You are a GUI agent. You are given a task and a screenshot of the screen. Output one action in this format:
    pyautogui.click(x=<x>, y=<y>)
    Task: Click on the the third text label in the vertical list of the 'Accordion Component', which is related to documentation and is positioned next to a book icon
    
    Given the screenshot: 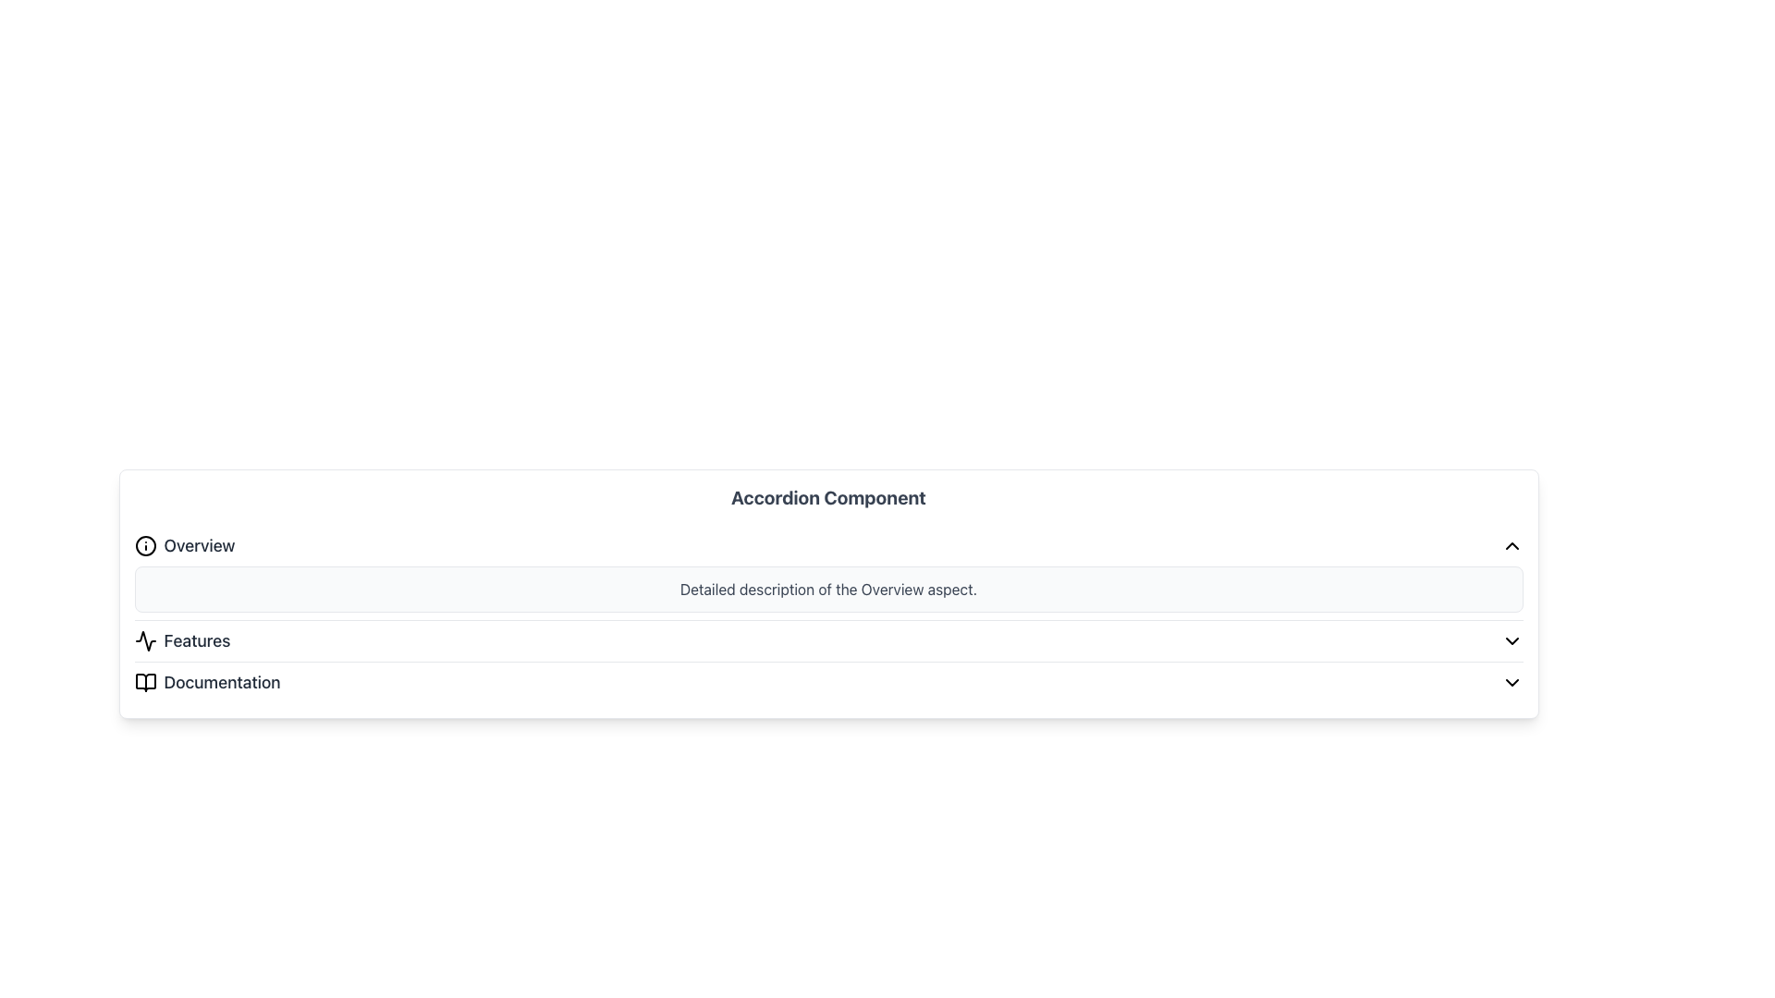 What is the action you would take?
    pyautogui.click(x=222, y=683)
    